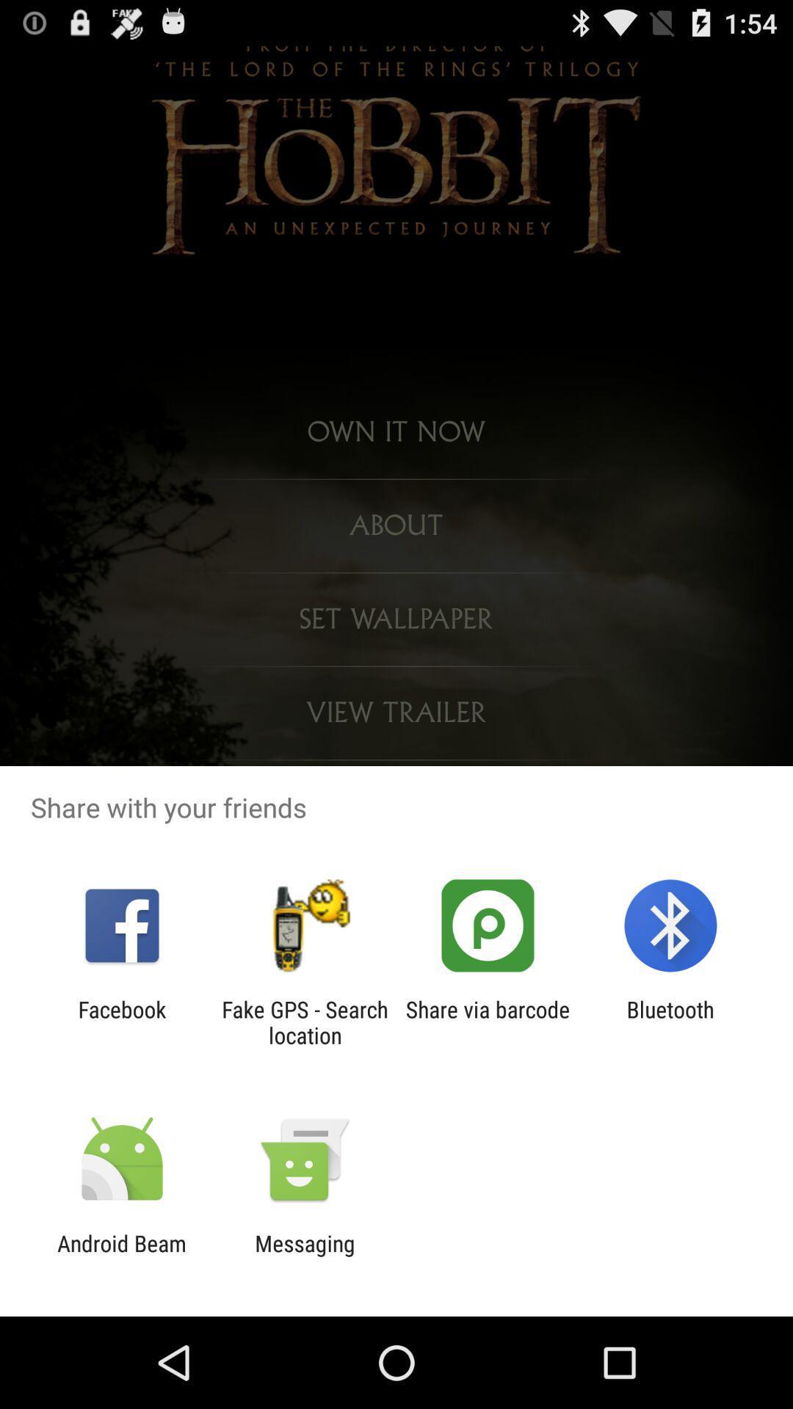 This screenshot has width=793, height=1409. I want to click on app next to the android beam icon, so click(304, 1256).